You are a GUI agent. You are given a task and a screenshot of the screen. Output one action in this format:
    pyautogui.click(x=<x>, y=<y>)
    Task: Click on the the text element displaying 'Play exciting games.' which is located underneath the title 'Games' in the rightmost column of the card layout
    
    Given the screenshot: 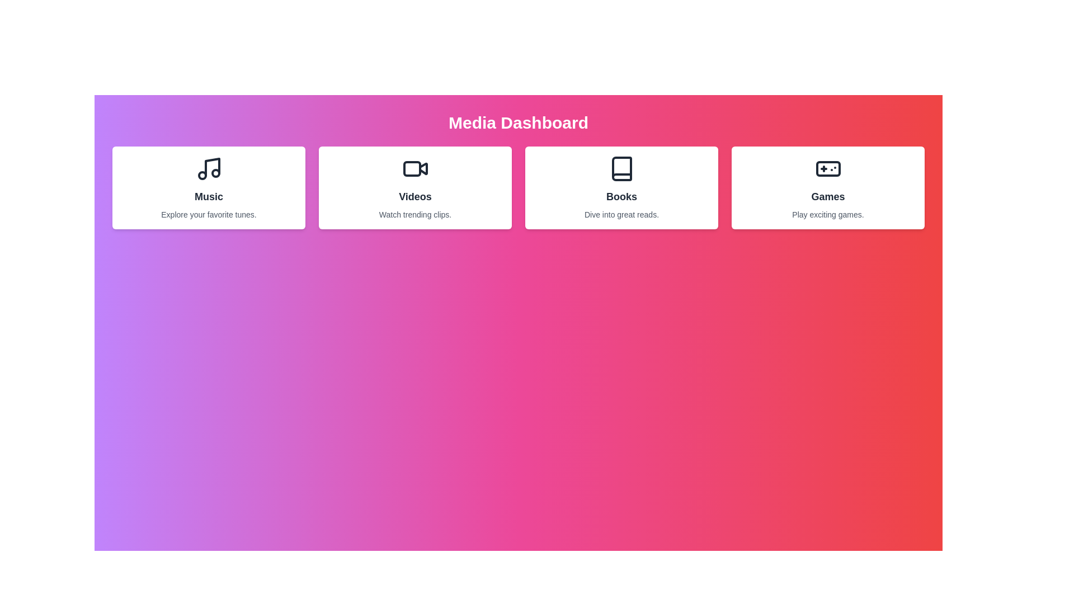 What is the action you would take?
    pyautogui.click(x=828, y=215)
    